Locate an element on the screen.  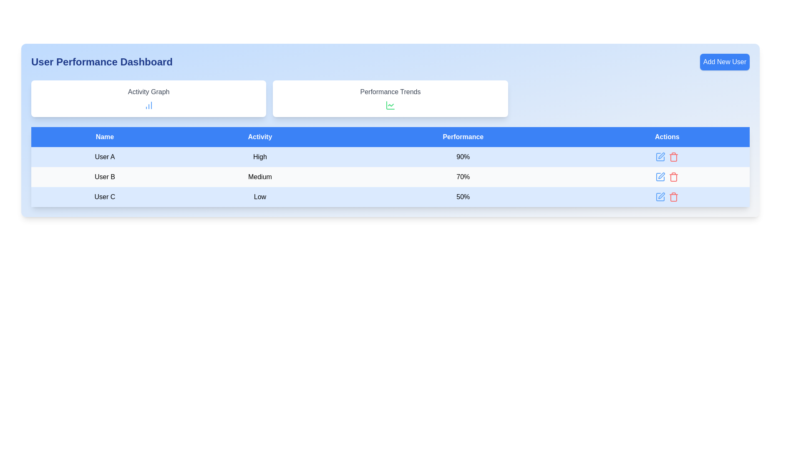
the delete button located in the 'Actions' column of the first row of the data table is located at coordinates (674, 157).